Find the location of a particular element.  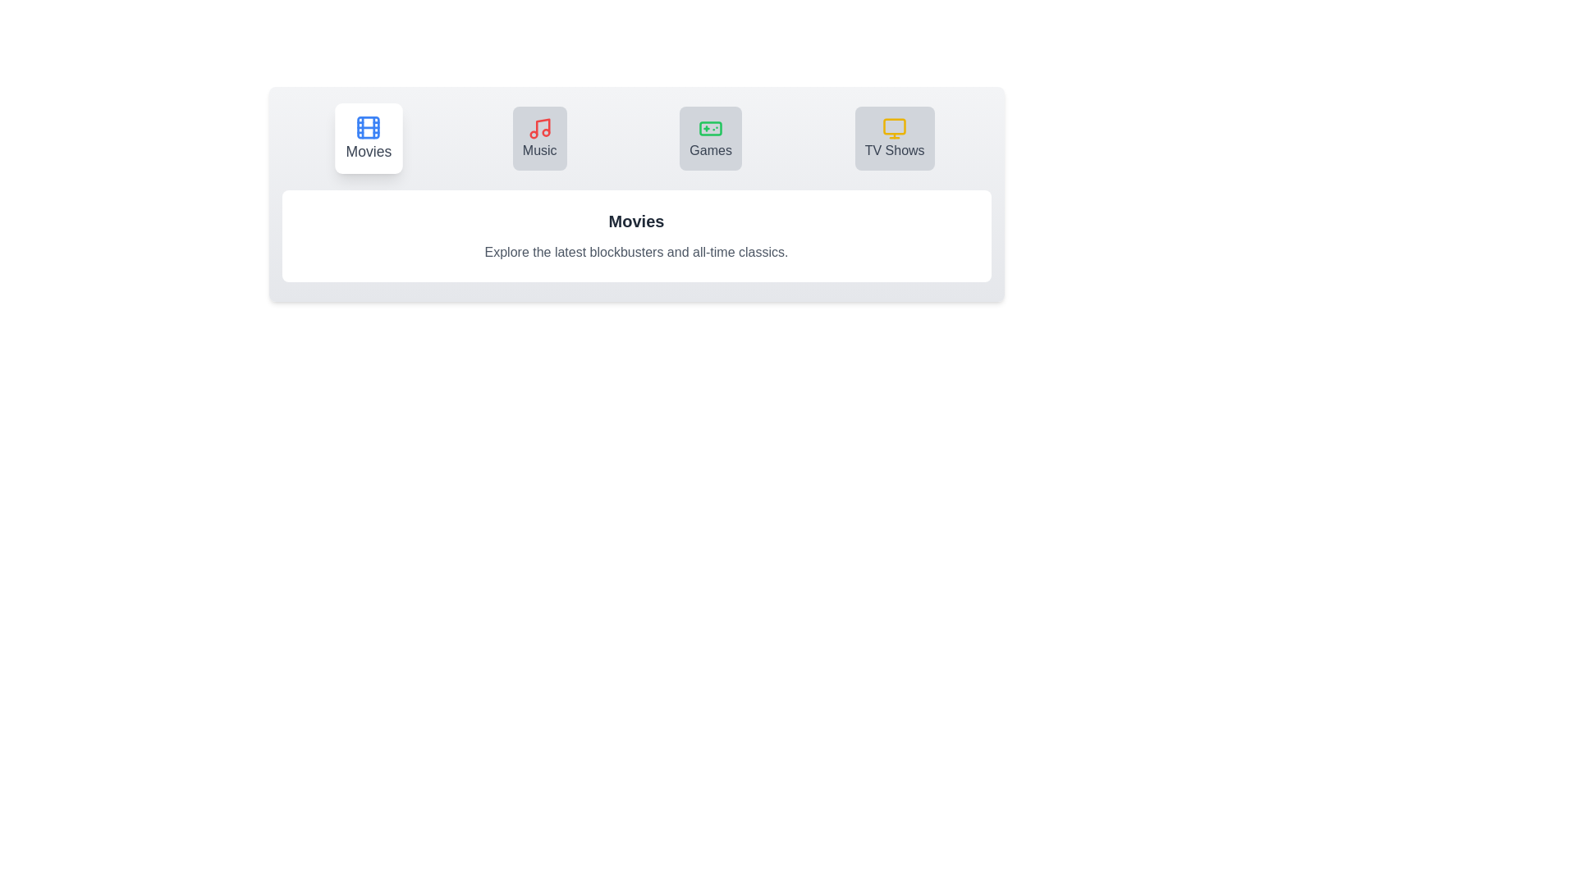

the tab button labeled Music to switch to the corresponding section is located at coordinates (539, 138).